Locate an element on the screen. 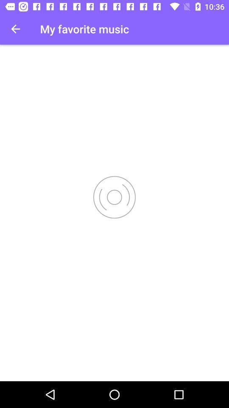 This screenshot has width=229, height=408. the icon to the left of my favorite music item is located at coordinates (15, 29).